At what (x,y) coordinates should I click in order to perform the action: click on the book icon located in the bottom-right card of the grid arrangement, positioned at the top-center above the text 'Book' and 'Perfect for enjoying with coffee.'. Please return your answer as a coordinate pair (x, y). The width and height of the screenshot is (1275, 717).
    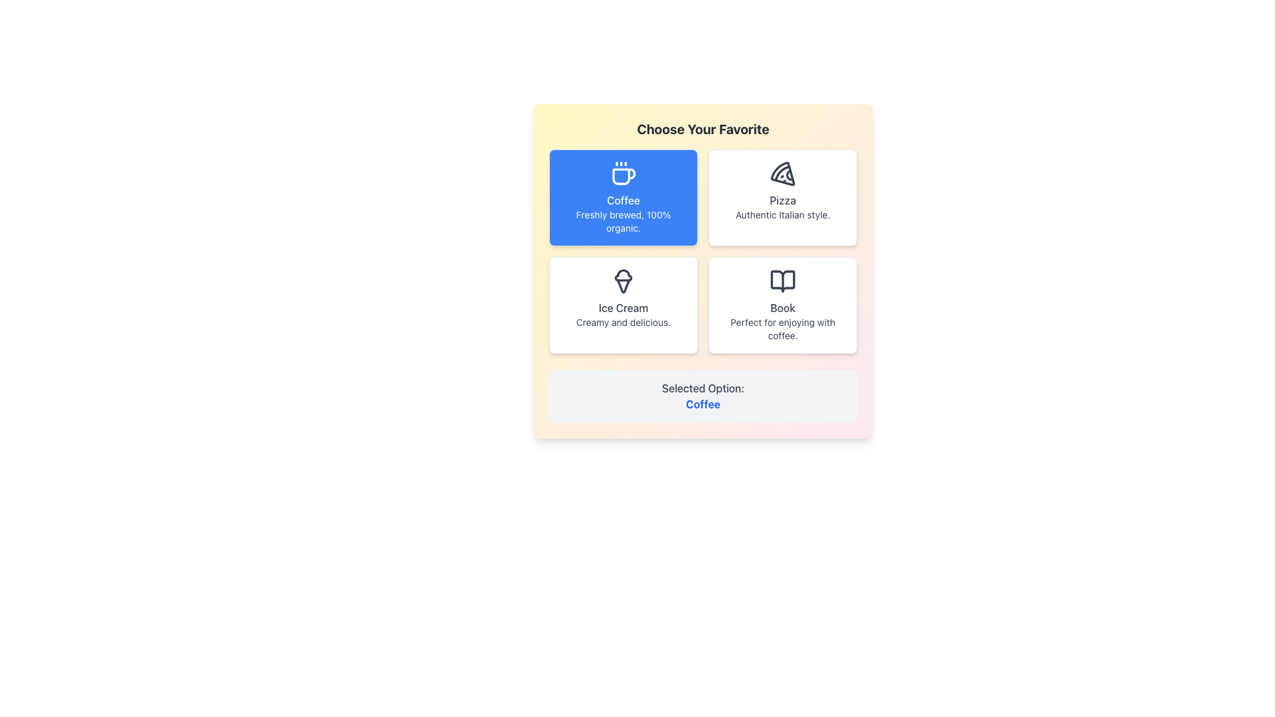
    Looking at the image, I should click on (783, 281).